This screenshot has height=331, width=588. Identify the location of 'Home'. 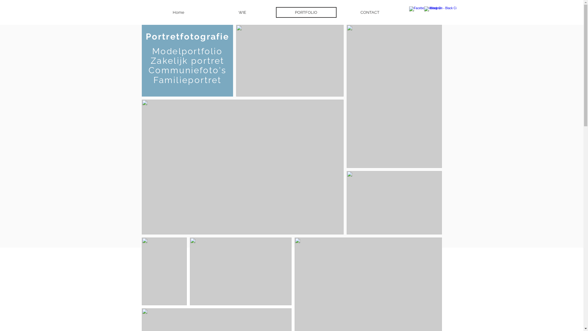
(178, 12).